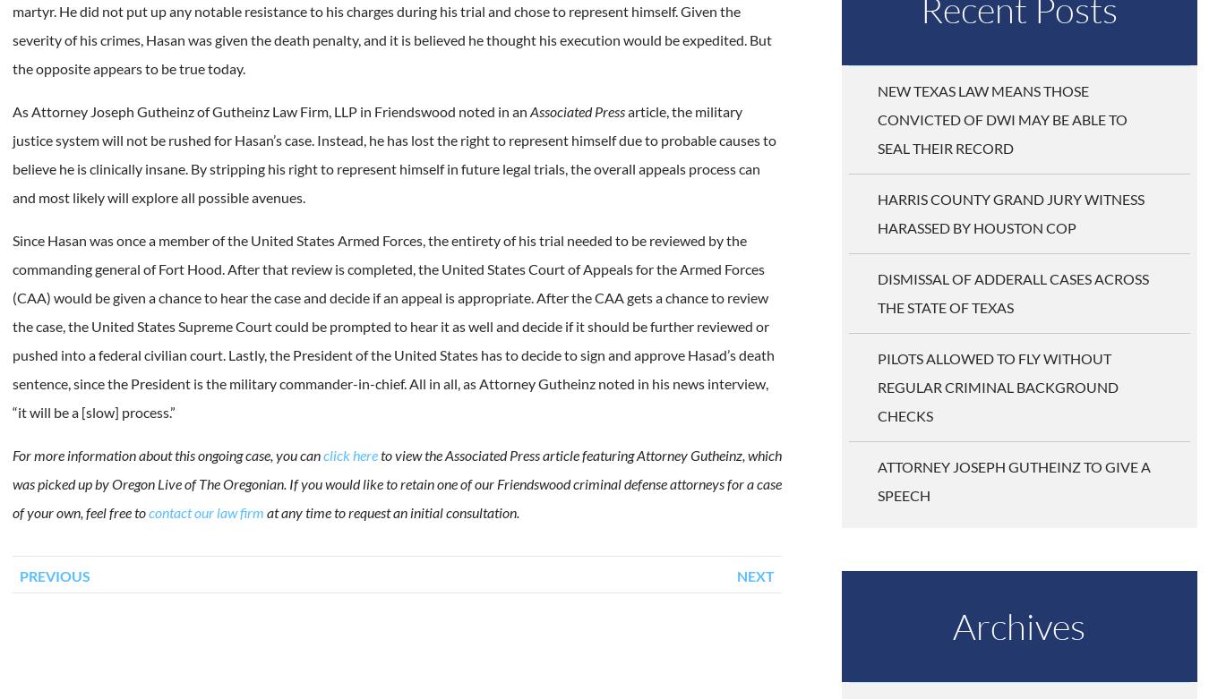 The image size is (1209, 699). I want to click on 'Previous', so click(53, 575).